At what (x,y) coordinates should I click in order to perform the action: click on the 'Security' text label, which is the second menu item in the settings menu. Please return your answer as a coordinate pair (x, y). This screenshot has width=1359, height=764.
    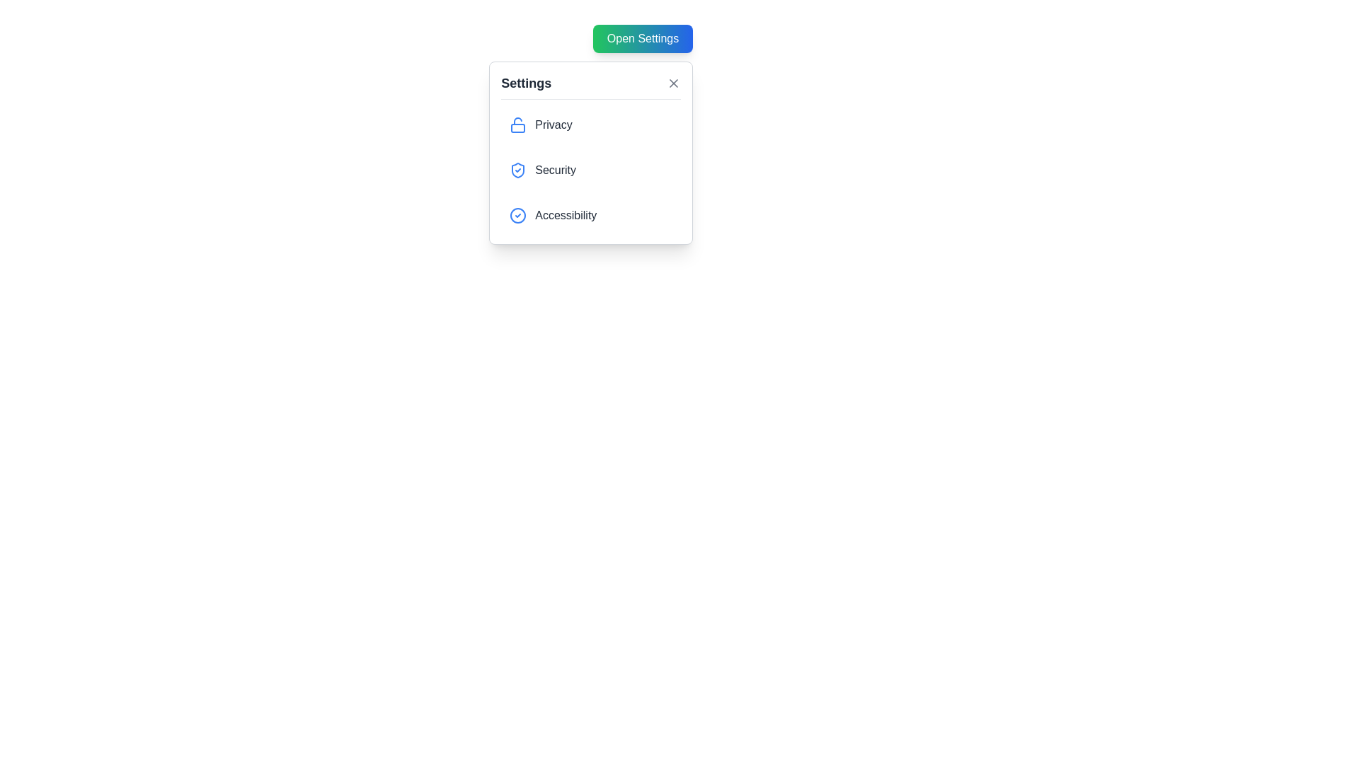
    Looking at the image, I should click on (555, 169).